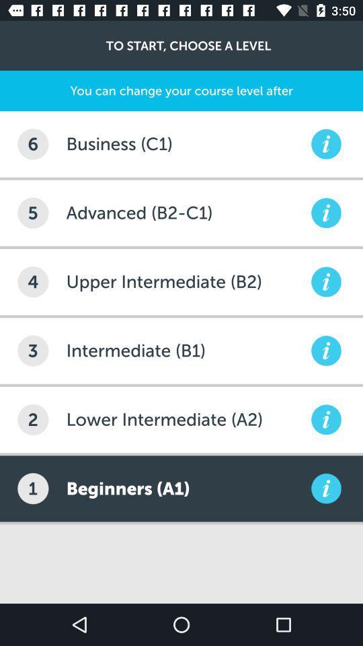 This screenshot has width=363, height=646. Describe the element at coordinates (325, 144) in the screenshot. I see `information` at that location.